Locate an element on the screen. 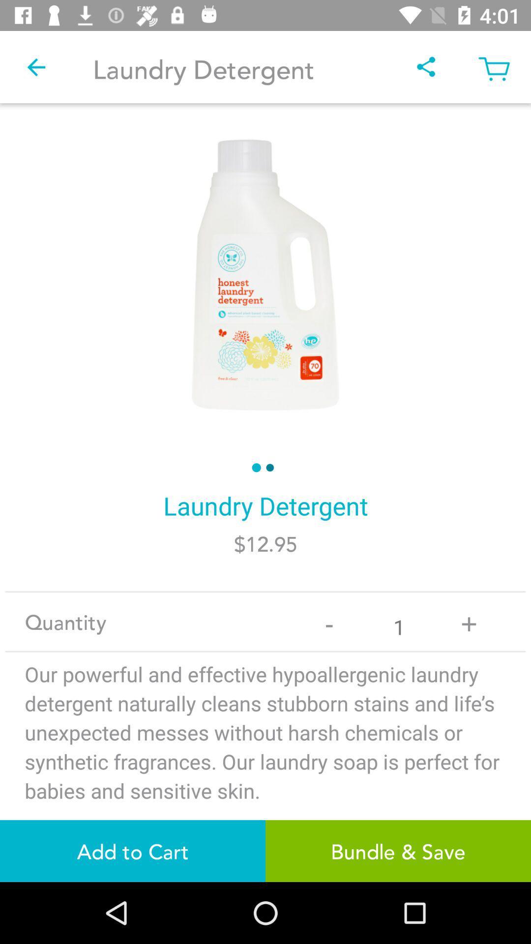 The image size is (531, 944). the our powerful and is located at coordinates (265, 758).